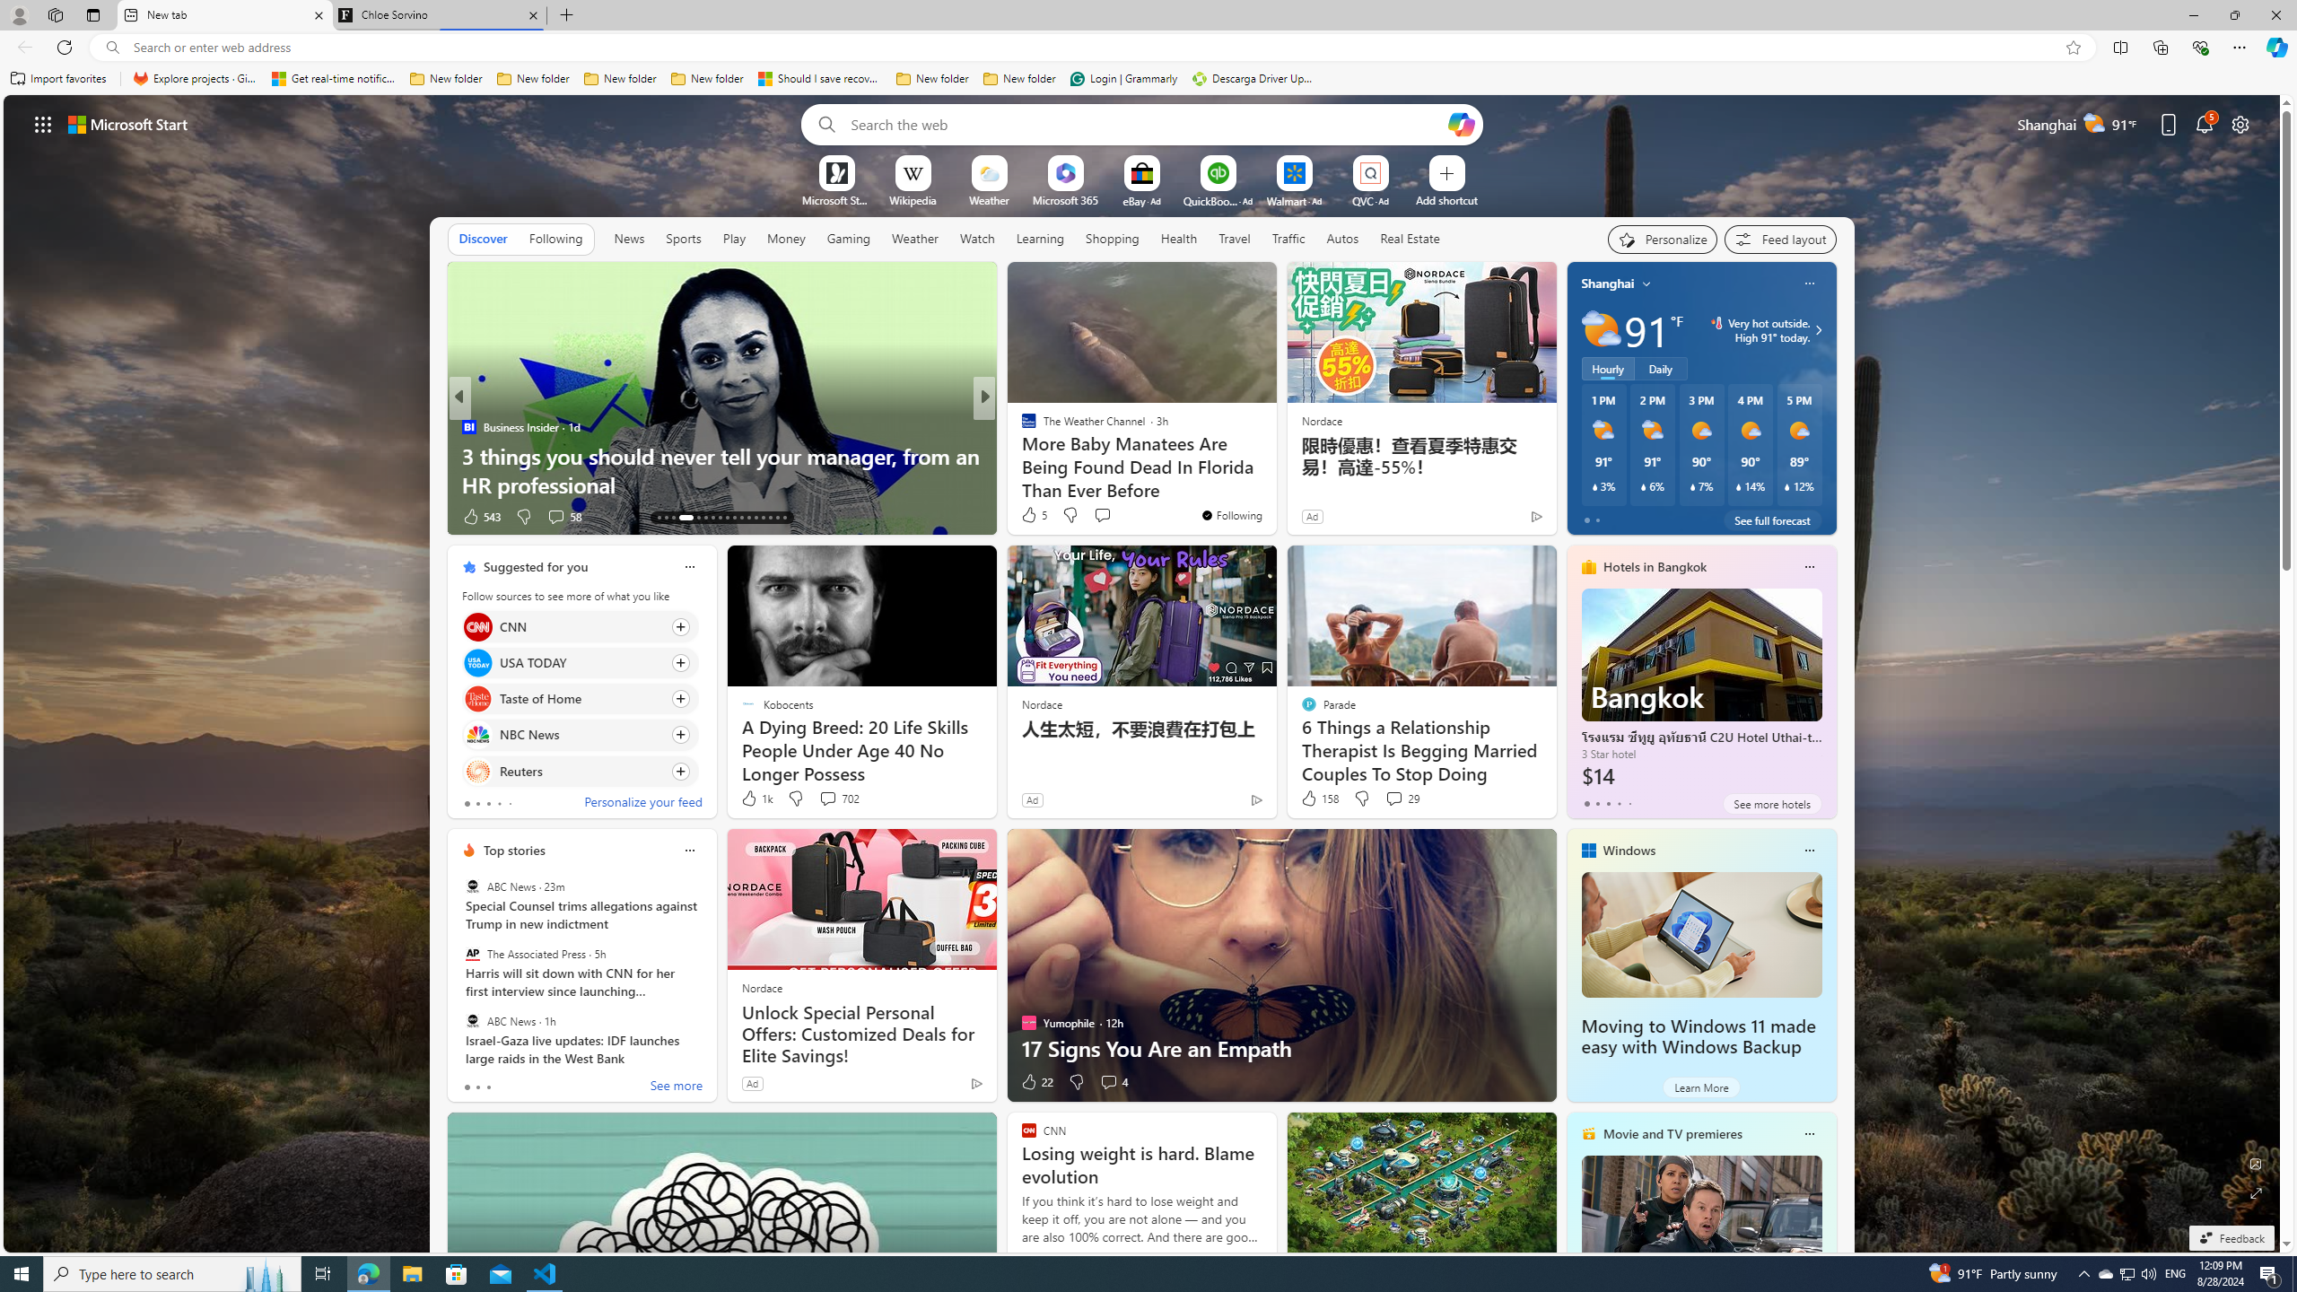 The image size is (2297, 1292). I want to click on 'Shopping', so click(1112, 237).